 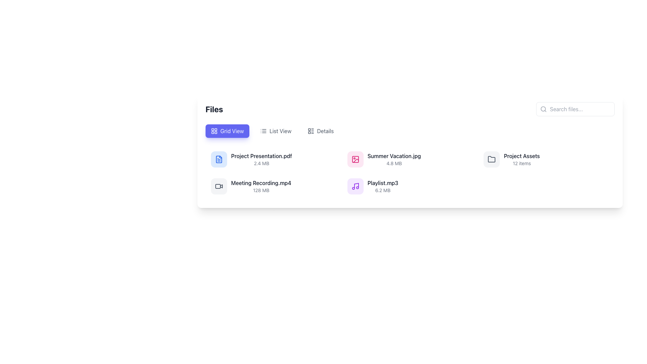 I want to click on the file icon that resembles a document, specifically aligned with the 'Project Presentation.pdf' entry in the file listing panel, so click(x=219, y=159).